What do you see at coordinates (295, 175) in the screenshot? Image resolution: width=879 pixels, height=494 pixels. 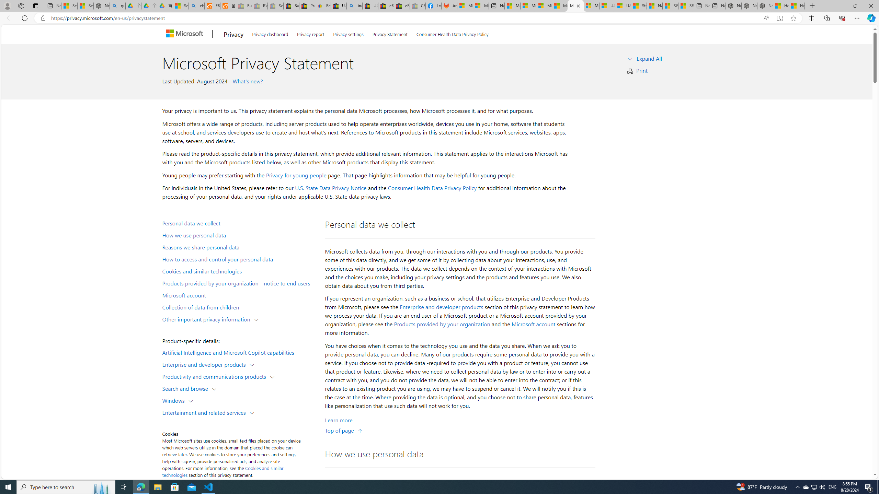 I see `'Privacy for young people'` at bounding box center [295, 175].